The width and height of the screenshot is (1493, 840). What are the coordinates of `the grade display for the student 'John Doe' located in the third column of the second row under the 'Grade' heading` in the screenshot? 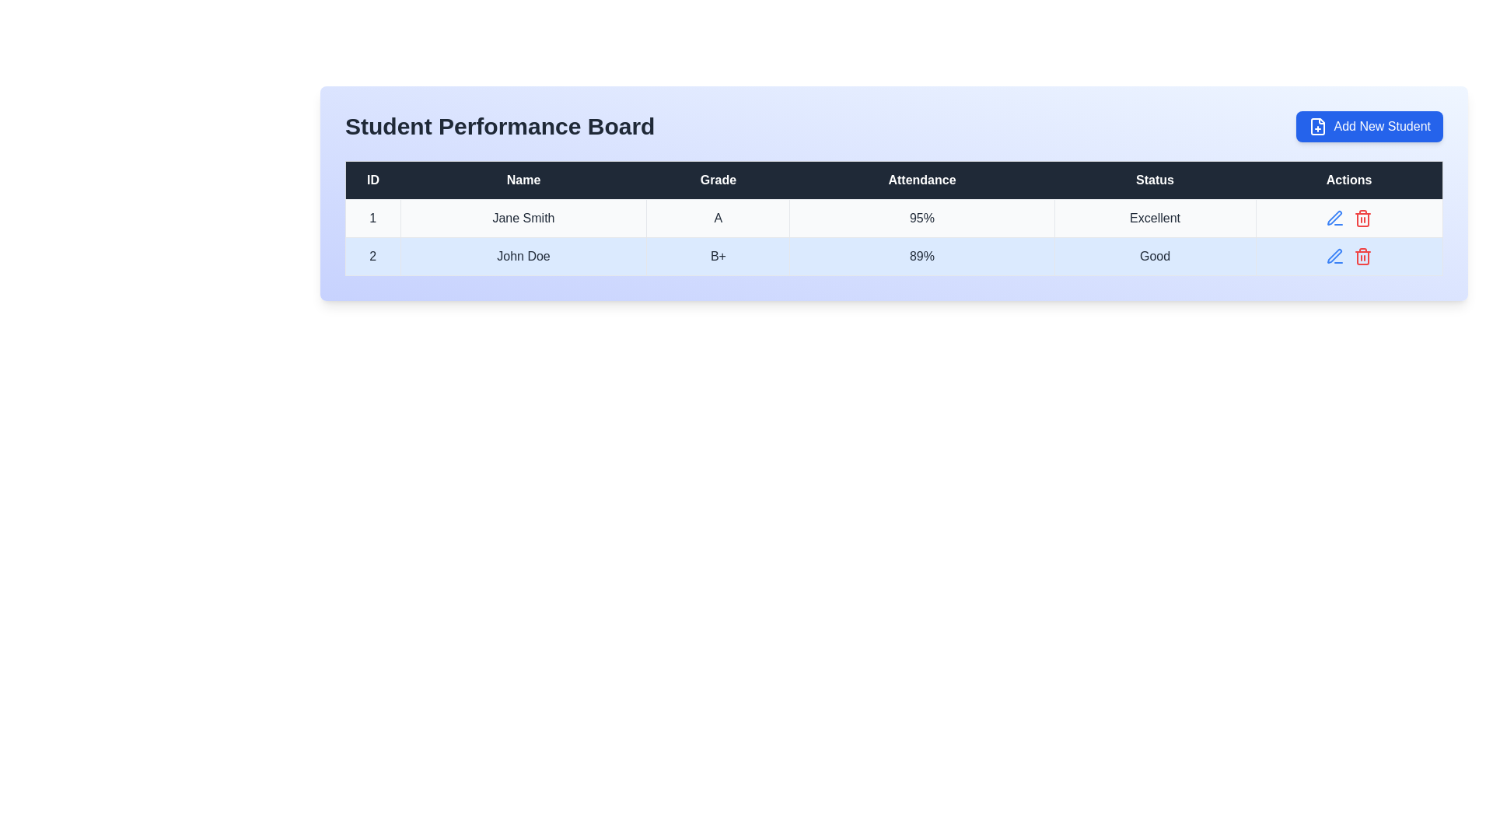 It's located at (717, 256).